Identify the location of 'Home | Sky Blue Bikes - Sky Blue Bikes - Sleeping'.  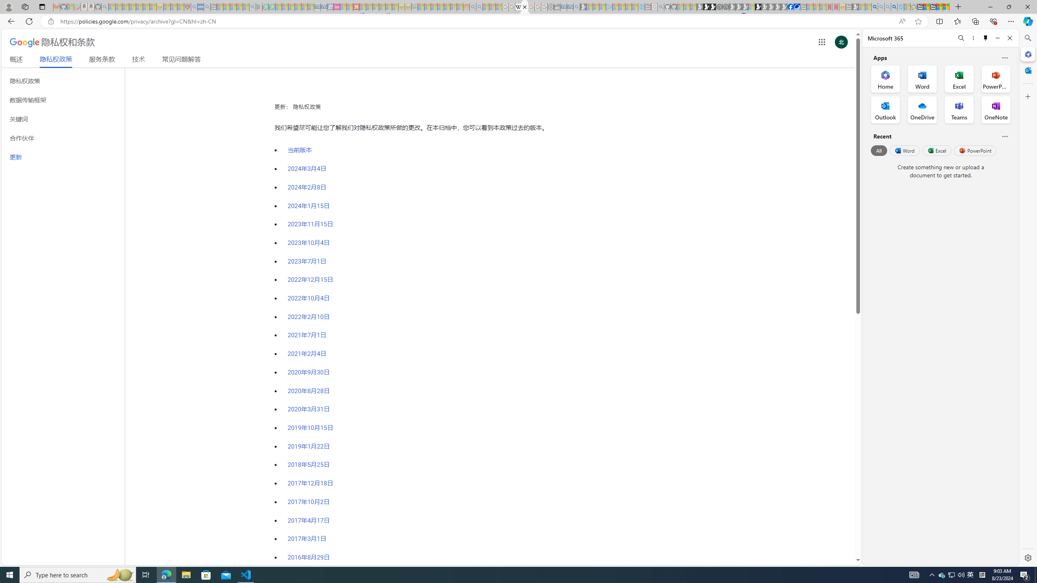
(641, 6).